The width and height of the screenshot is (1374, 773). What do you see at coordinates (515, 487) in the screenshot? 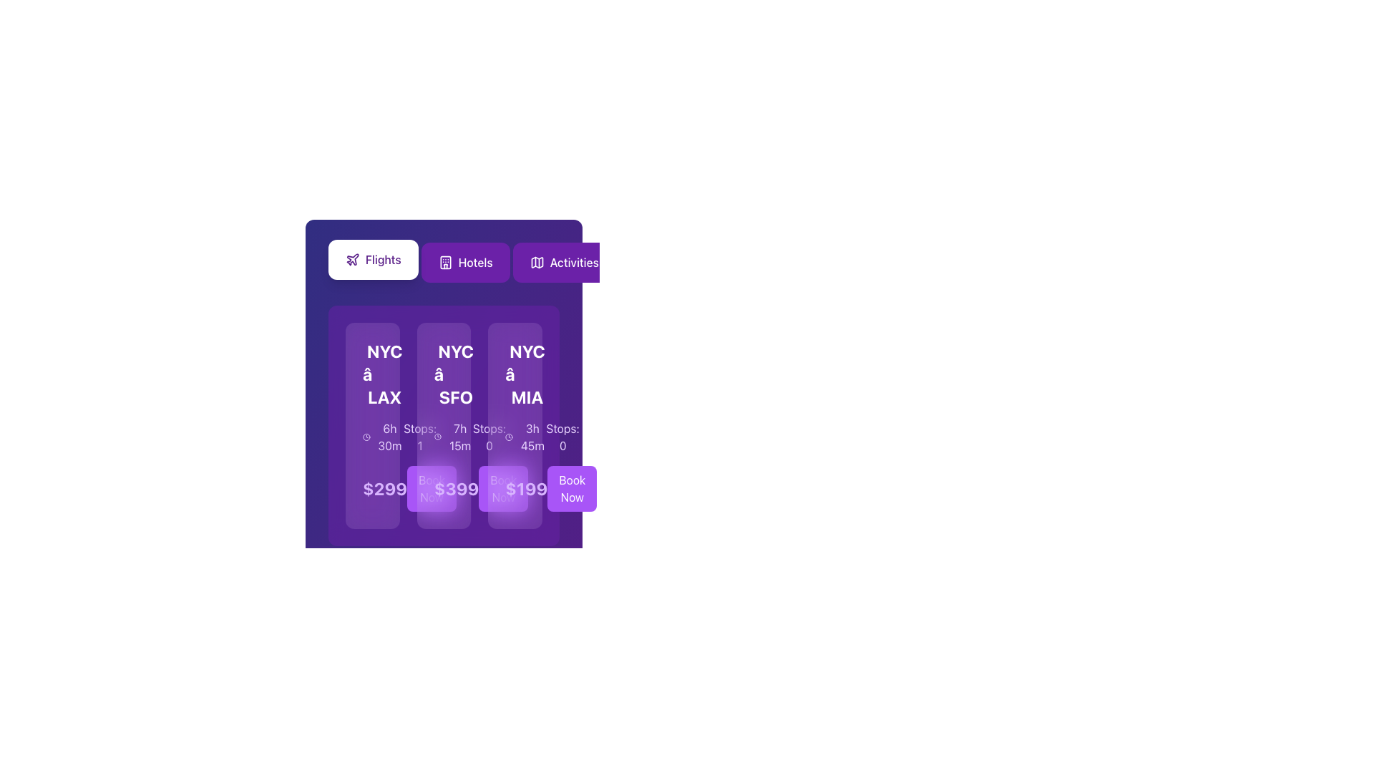
I see `the 'Book Now' button located in the card titled 'NYC â MIA', positioned to the right of the price display showing '$199'` at bounding box center [515, 487].